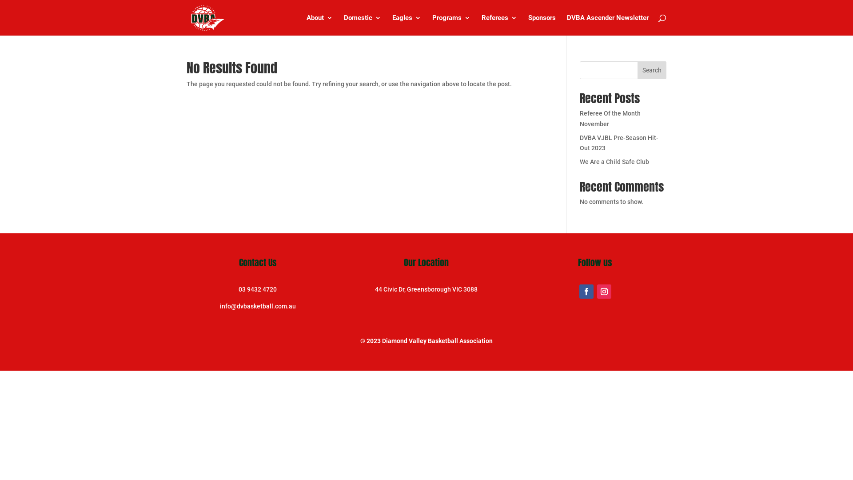 Image resolution: width=853 pixels, height=480 pixels. Describe the element at coordinates (586, 291) in the screenshot. I see `'Follow on Facebook'` at that location.